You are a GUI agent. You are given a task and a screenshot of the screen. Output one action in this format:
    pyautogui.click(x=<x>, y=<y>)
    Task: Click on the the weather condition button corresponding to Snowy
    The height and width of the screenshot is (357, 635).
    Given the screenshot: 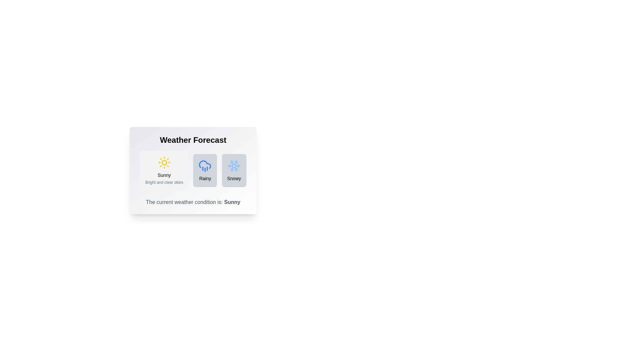 What is the action you would take?
    pyautogui.click(x=234, y=170)
    